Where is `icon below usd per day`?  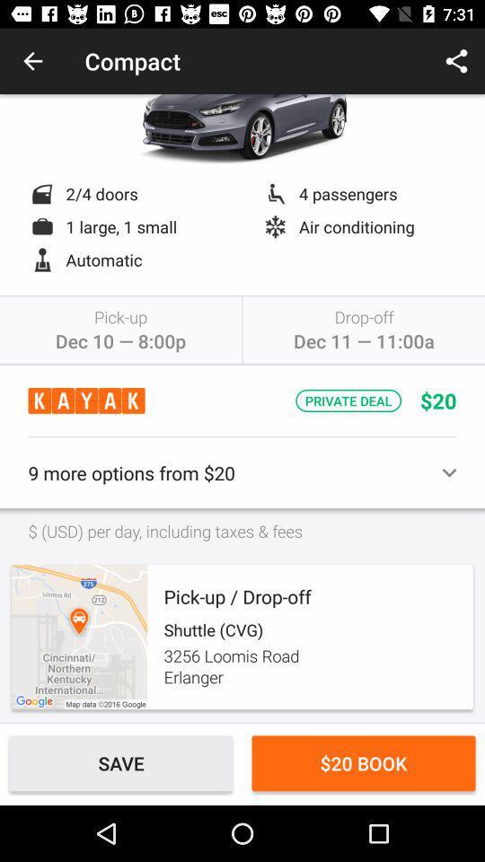 icon below usd per day is located at coordinates (78, 637).